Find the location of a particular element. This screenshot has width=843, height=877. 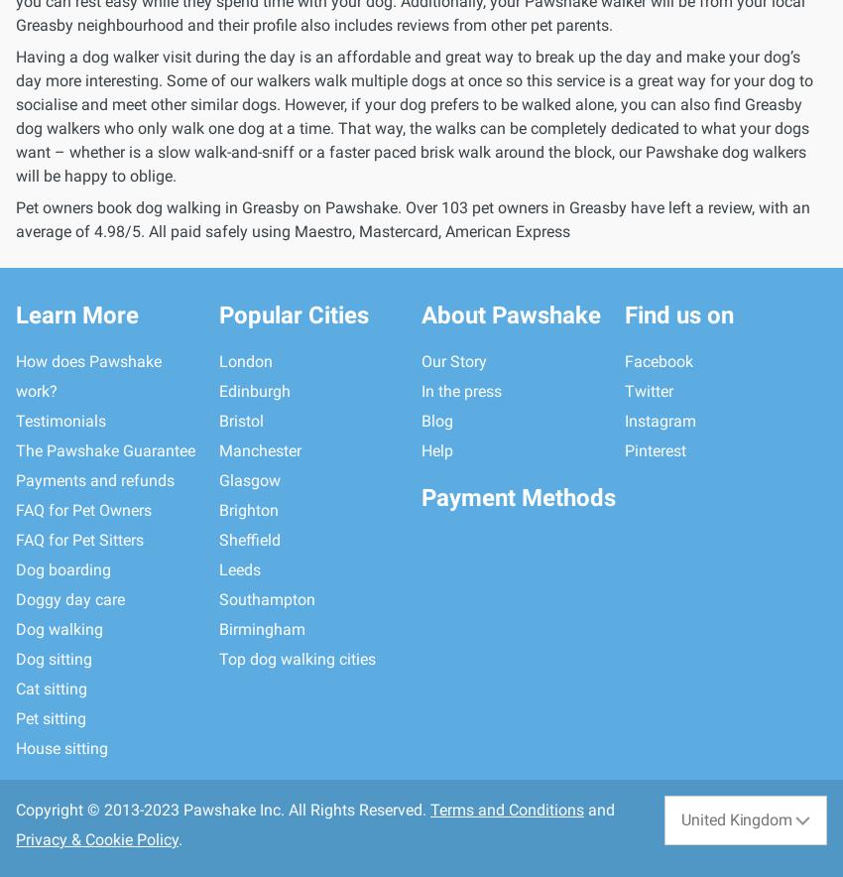

'How does Pawshake work?' is located at coordinates (87, 376).